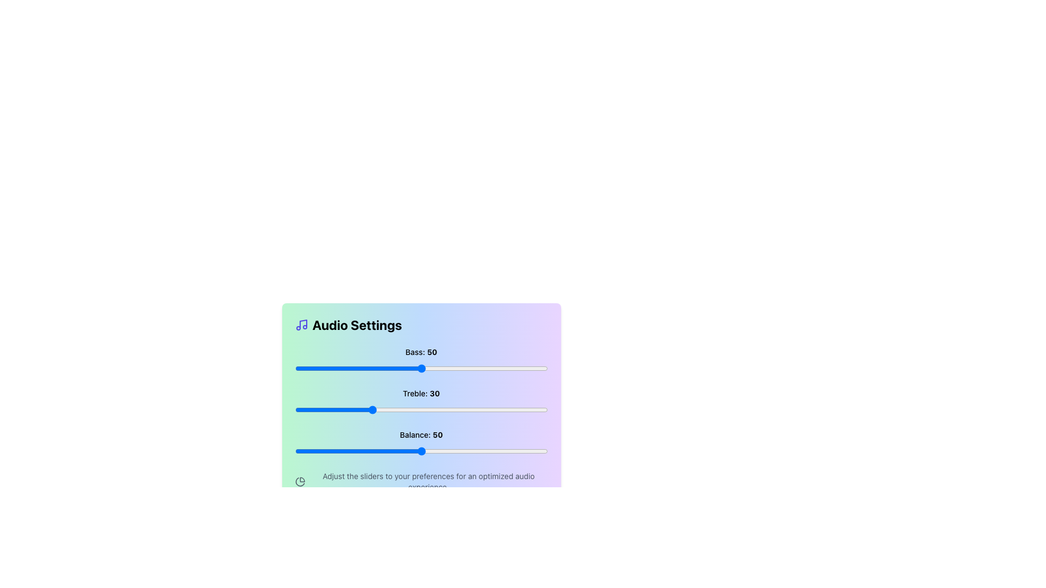 This screenshot has height=588, width=1046. Describe the element at coordinates (347, 409) in the screenshot. I see `the treble level` at that location.